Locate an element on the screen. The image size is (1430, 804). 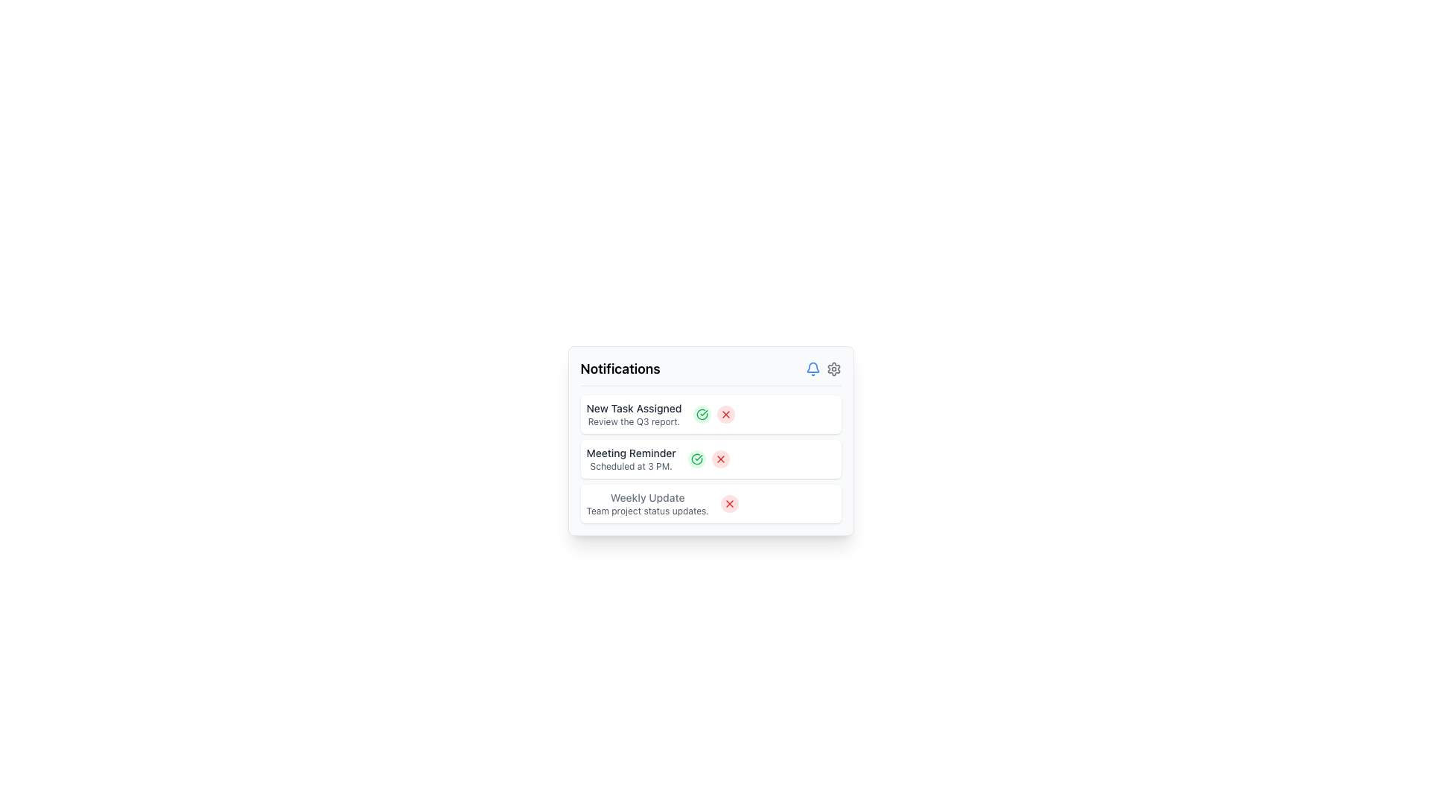
the circular button with a green checkmark icon inside to mark the notification as read, located to the right of the 'Meeting Reminder' text in the notifications list is located at coordinates (696, 459).